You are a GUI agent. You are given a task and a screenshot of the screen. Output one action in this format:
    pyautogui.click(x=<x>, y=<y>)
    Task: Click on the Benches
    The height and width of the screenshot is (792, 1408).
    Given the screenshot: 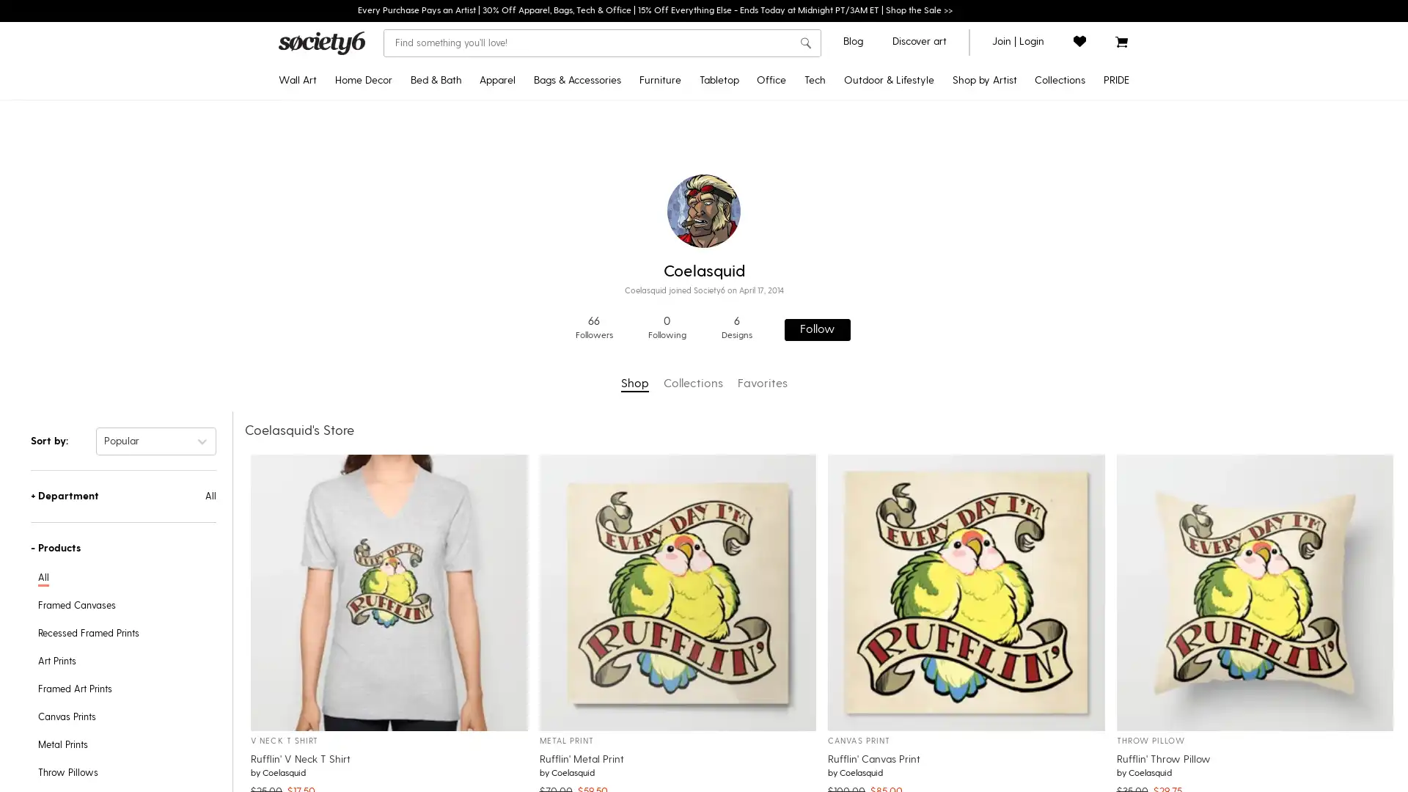 What is the action you would take?
    pyautogui.click(x=685, y=141)
    